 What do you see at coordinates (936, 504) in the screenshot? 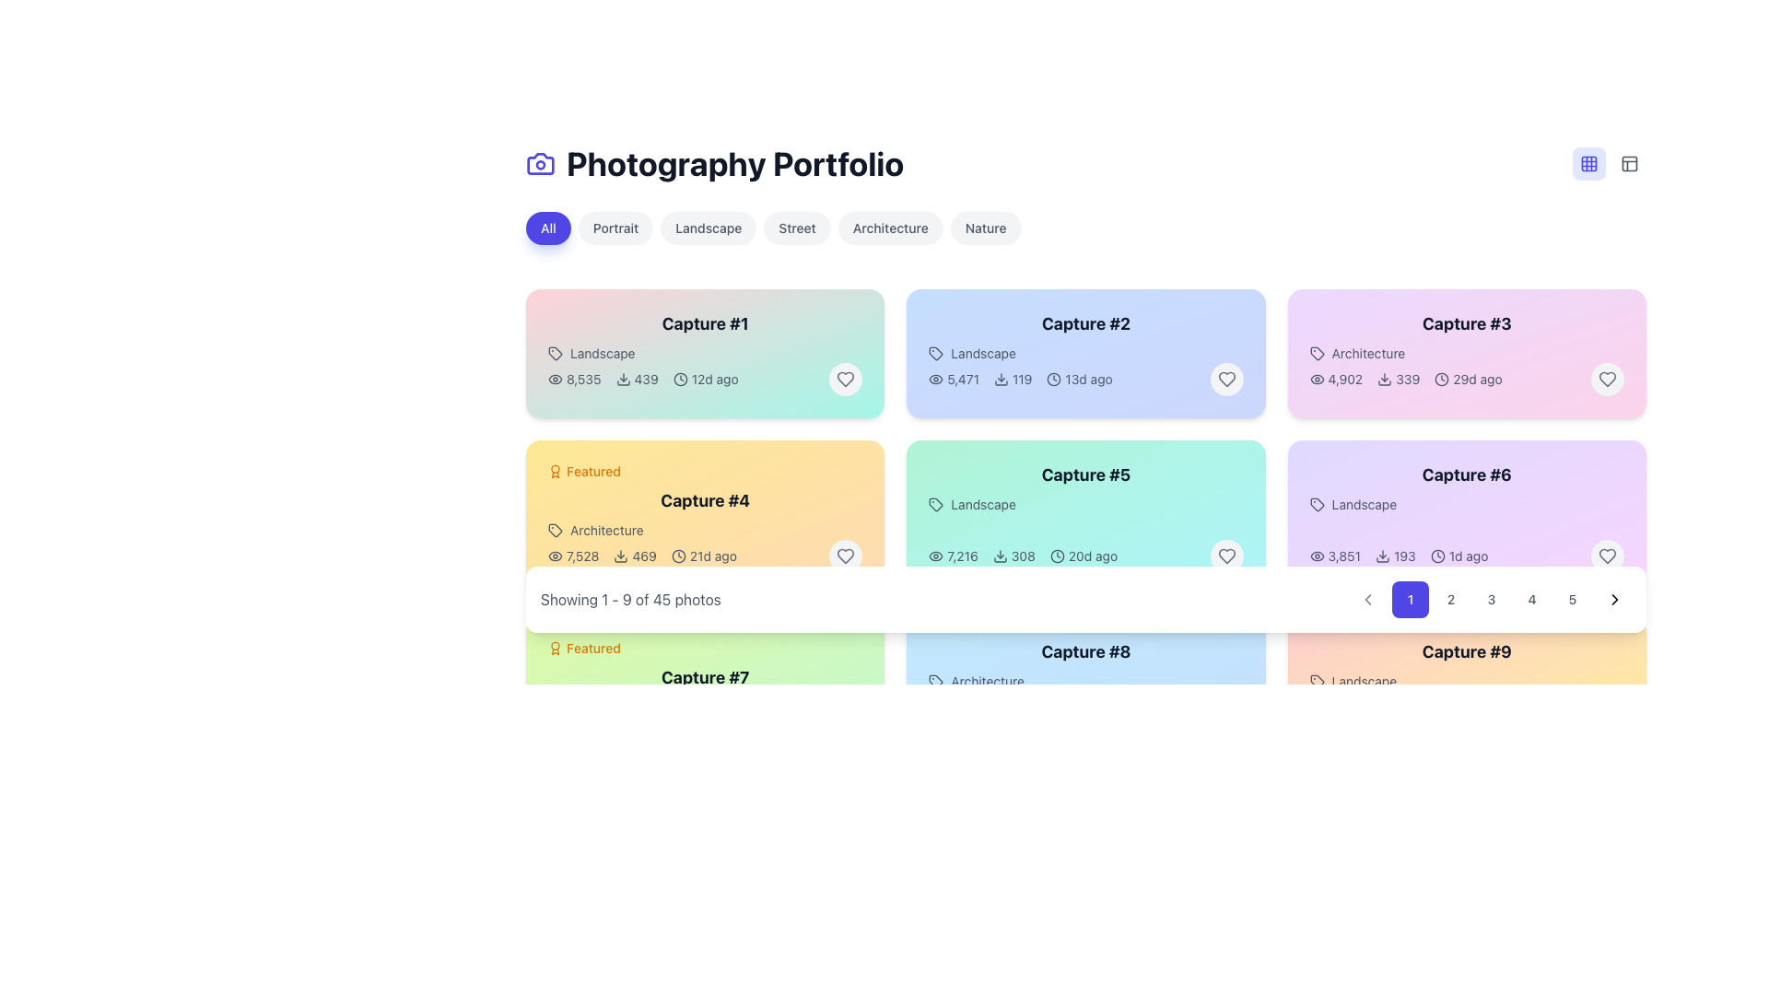
I see `the tag-shaped icon located in the text label reading 'Landscape' on the card for 'Capture #5'` at bounding box center [936, 504].